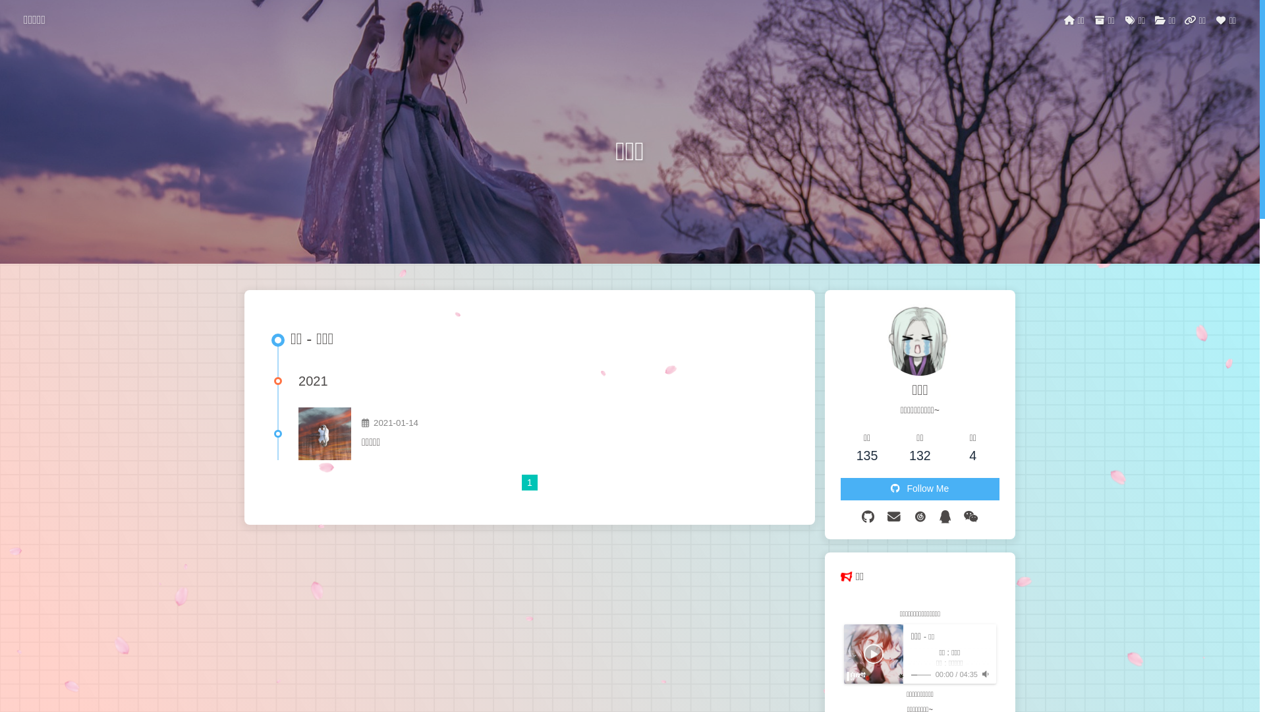 The width and height of the screenshot is (1265, 712). Describe the element at coordinates (944, 516) in the screenshot. I see `'QQ'` at that location.